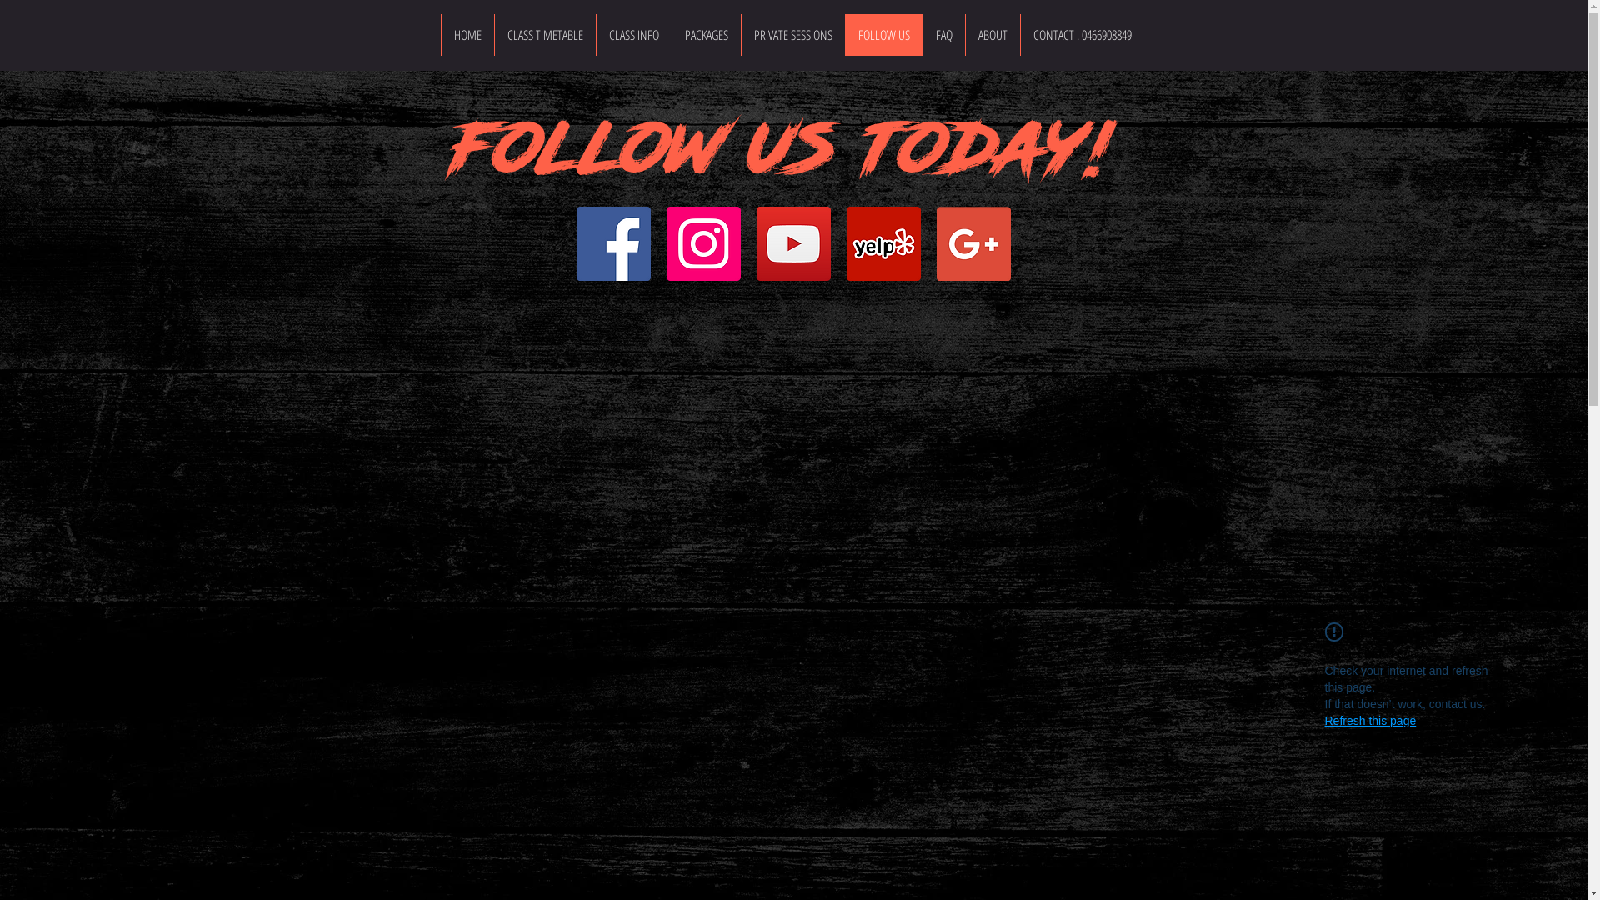 The image size is (1600, 900). I want to click on 'CLASS TIMETABLE', so click(543, 35).